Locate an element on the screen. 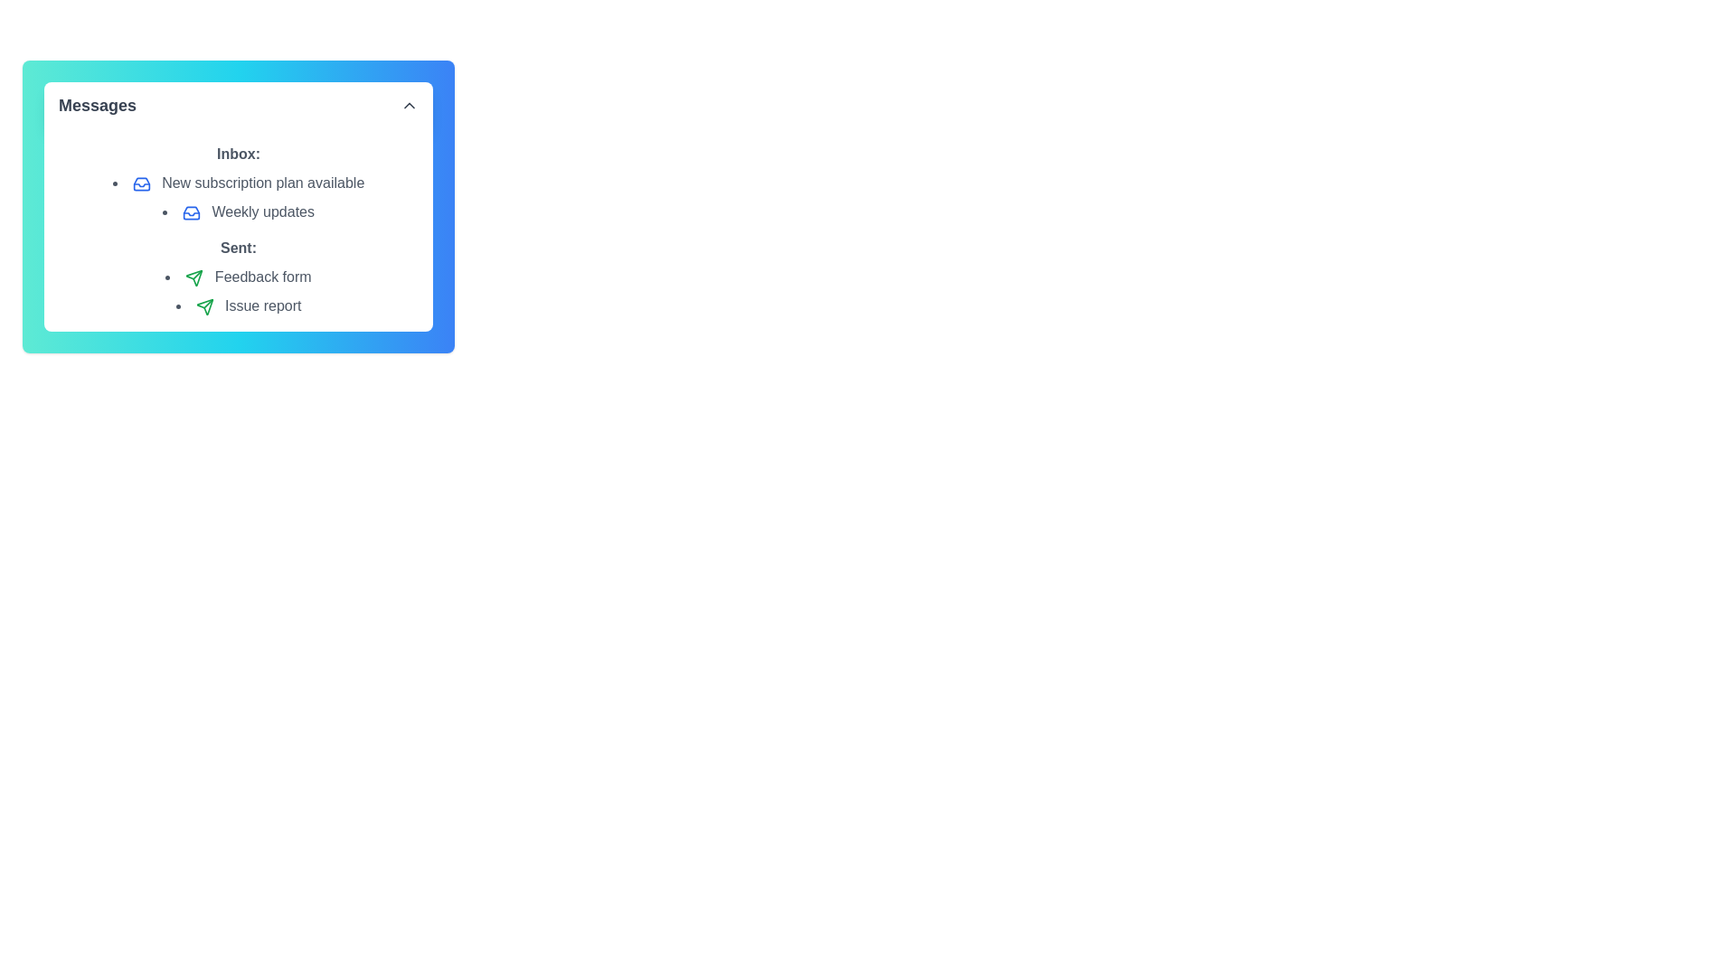 The height and width of the screenshot is (976, 1736). the decorative component of the inbox icon located in the left part of the 'Inbox:' section, near the text label 'Inbox:' is located at coordinates (140, 184).